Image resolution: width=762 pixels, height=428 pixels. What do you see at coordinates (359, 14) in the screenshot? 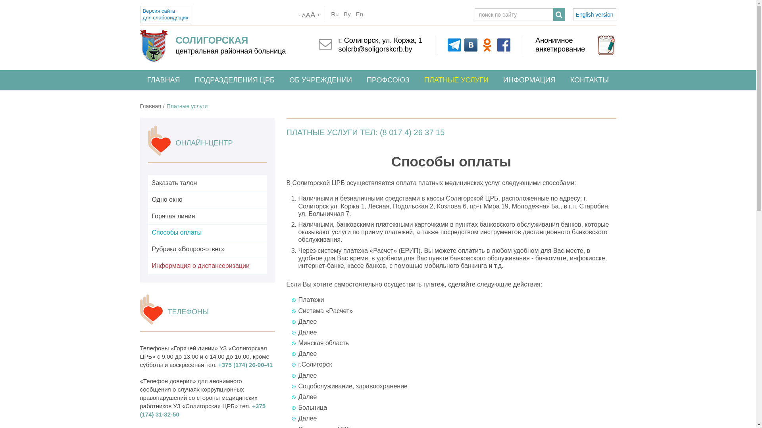
I see `'En'` at bounding box center [359, 14].